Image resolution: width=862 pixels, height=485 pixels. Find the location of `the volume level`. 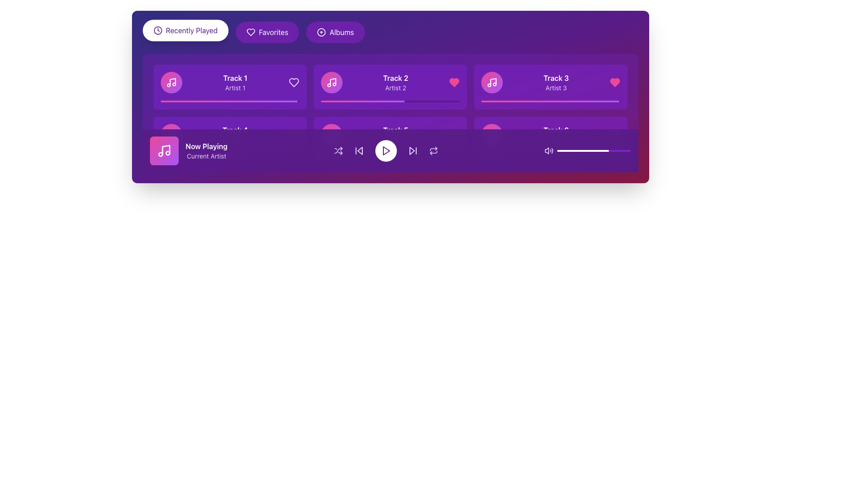

the volume level is located at coordinates (579, 150).